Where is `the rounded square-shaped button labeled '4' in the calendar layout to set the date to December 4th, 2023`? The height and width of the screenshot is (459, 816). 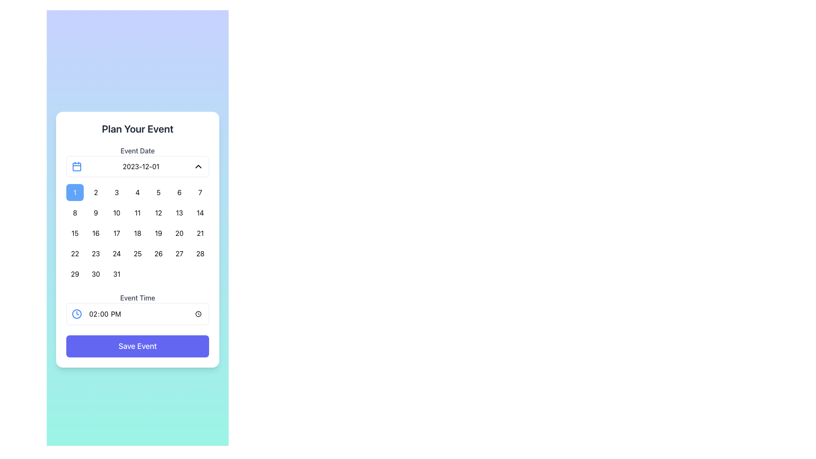
the rounded square-shaped button labeled '4' in the calendar layout to set the date to December 4th, 2023 is located at coordinates (137, 192).